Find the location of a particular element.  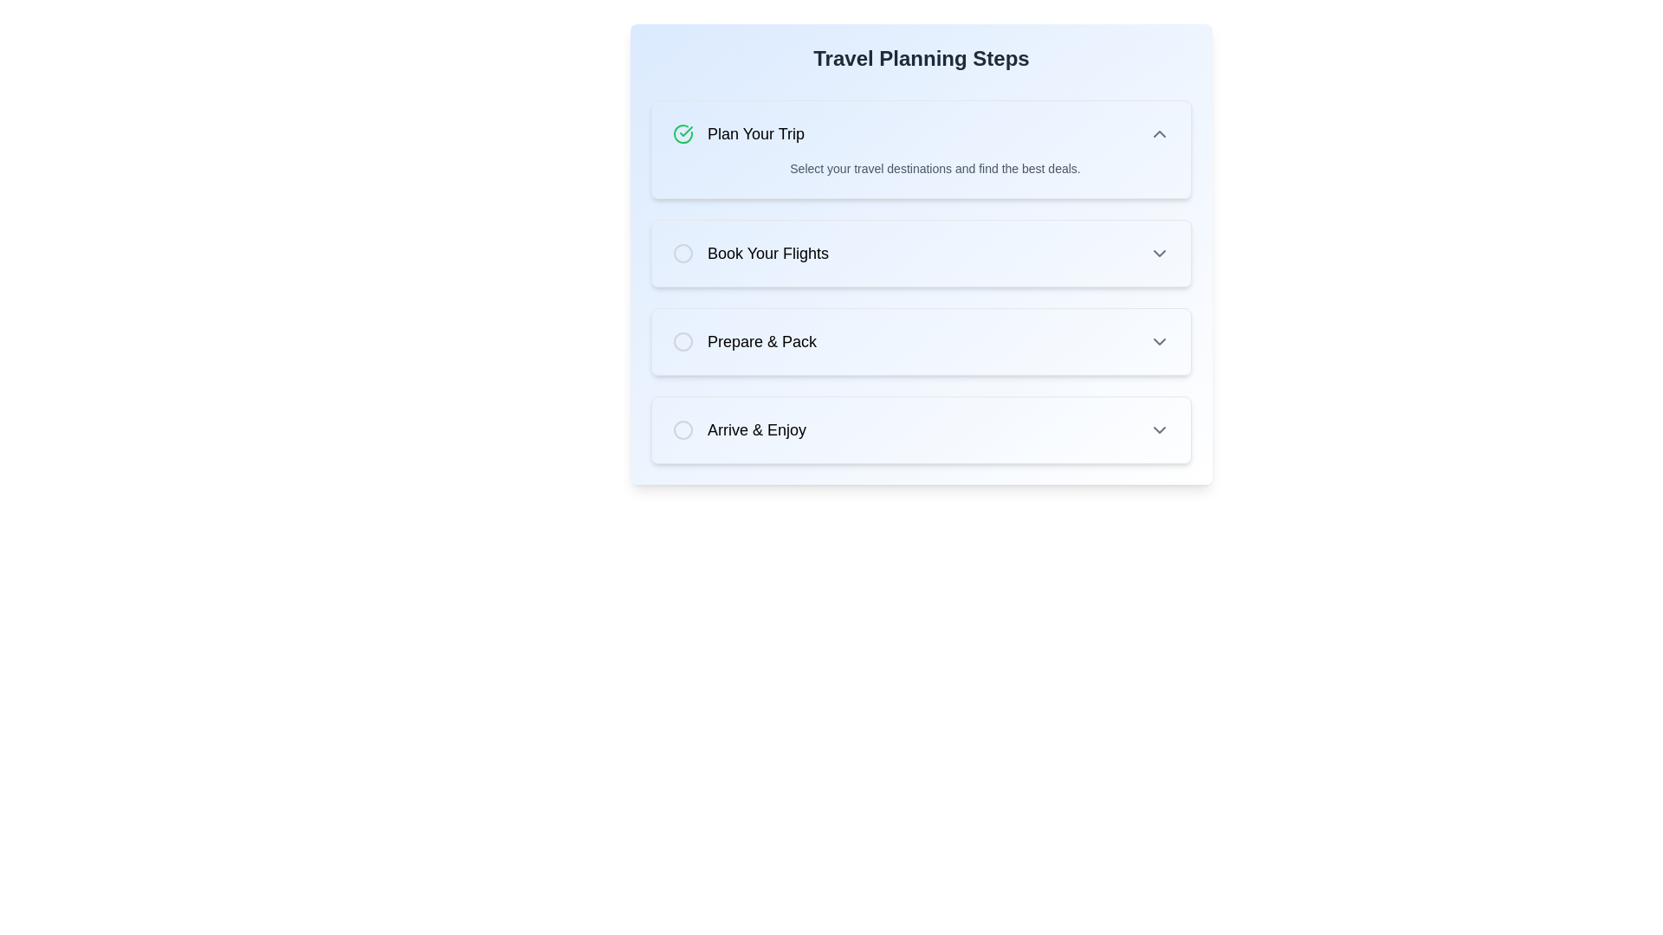

the text block that serves as the title for the first phase of the travel planning process, located near the upper left of the 'Travel Planning Steps' section is located at coordinates (739, 132).